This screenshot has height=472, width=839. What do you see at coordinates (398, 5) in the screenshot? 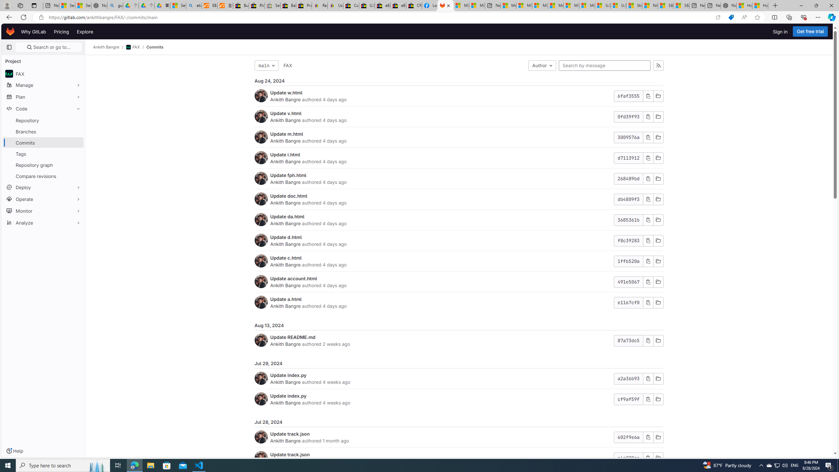
I see `'eBay Inc. Reports Third Quarter 2023 Results'` at bounding box center [398, 5].